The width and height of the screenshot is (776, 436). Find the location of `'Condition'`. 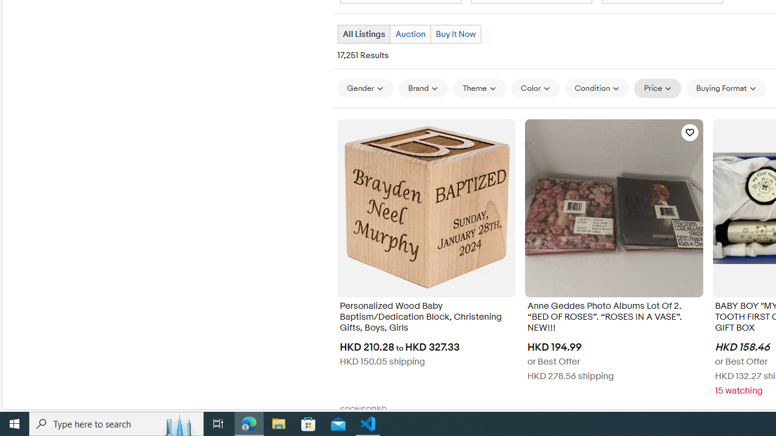

'Condition' is located at coordinates (597, 88).